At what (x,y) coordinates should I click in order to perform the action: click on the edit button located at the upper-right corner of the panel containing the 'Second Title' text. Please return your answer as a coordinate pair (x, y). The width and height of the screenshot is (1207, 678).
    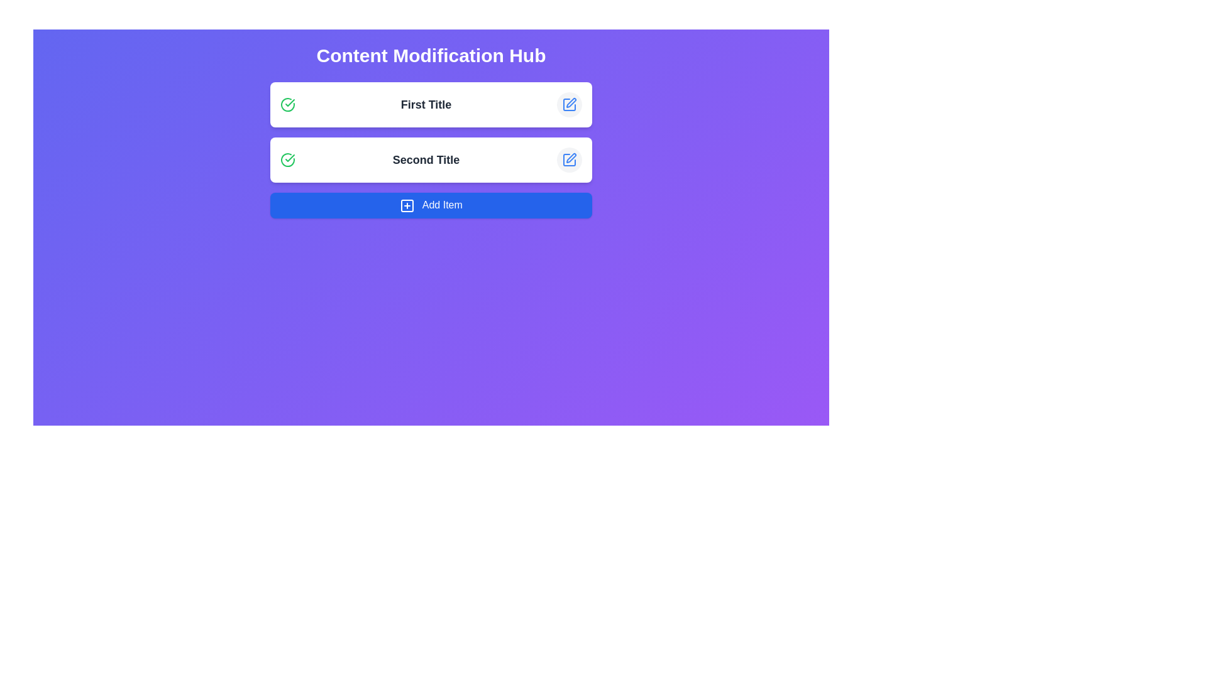
    Looking at the image, I should click on (569, 159).